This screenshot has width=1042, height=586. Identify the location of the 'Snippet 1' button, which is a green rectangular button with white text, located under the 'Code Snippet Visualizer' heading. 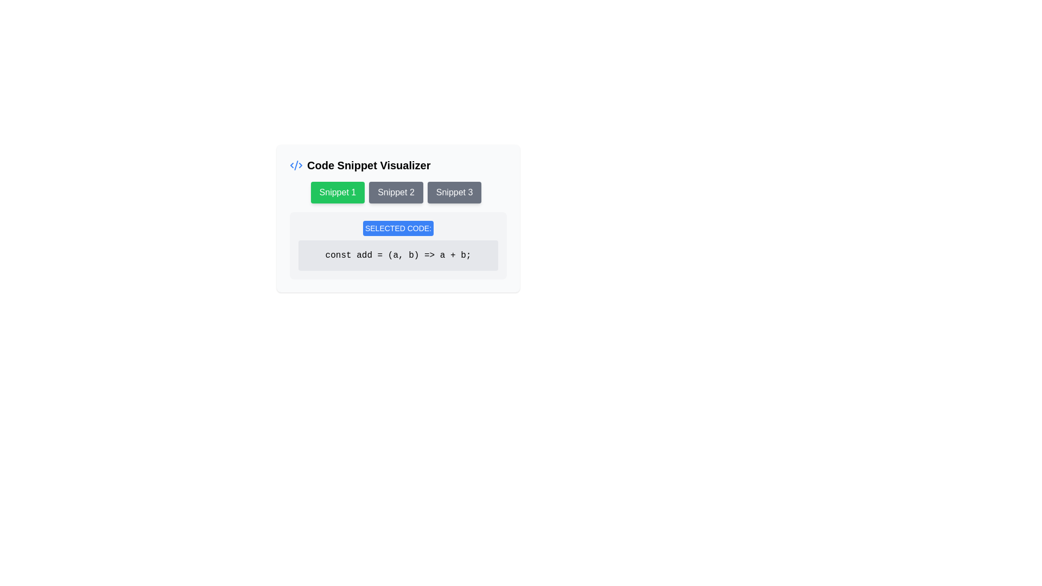
(337, 192).